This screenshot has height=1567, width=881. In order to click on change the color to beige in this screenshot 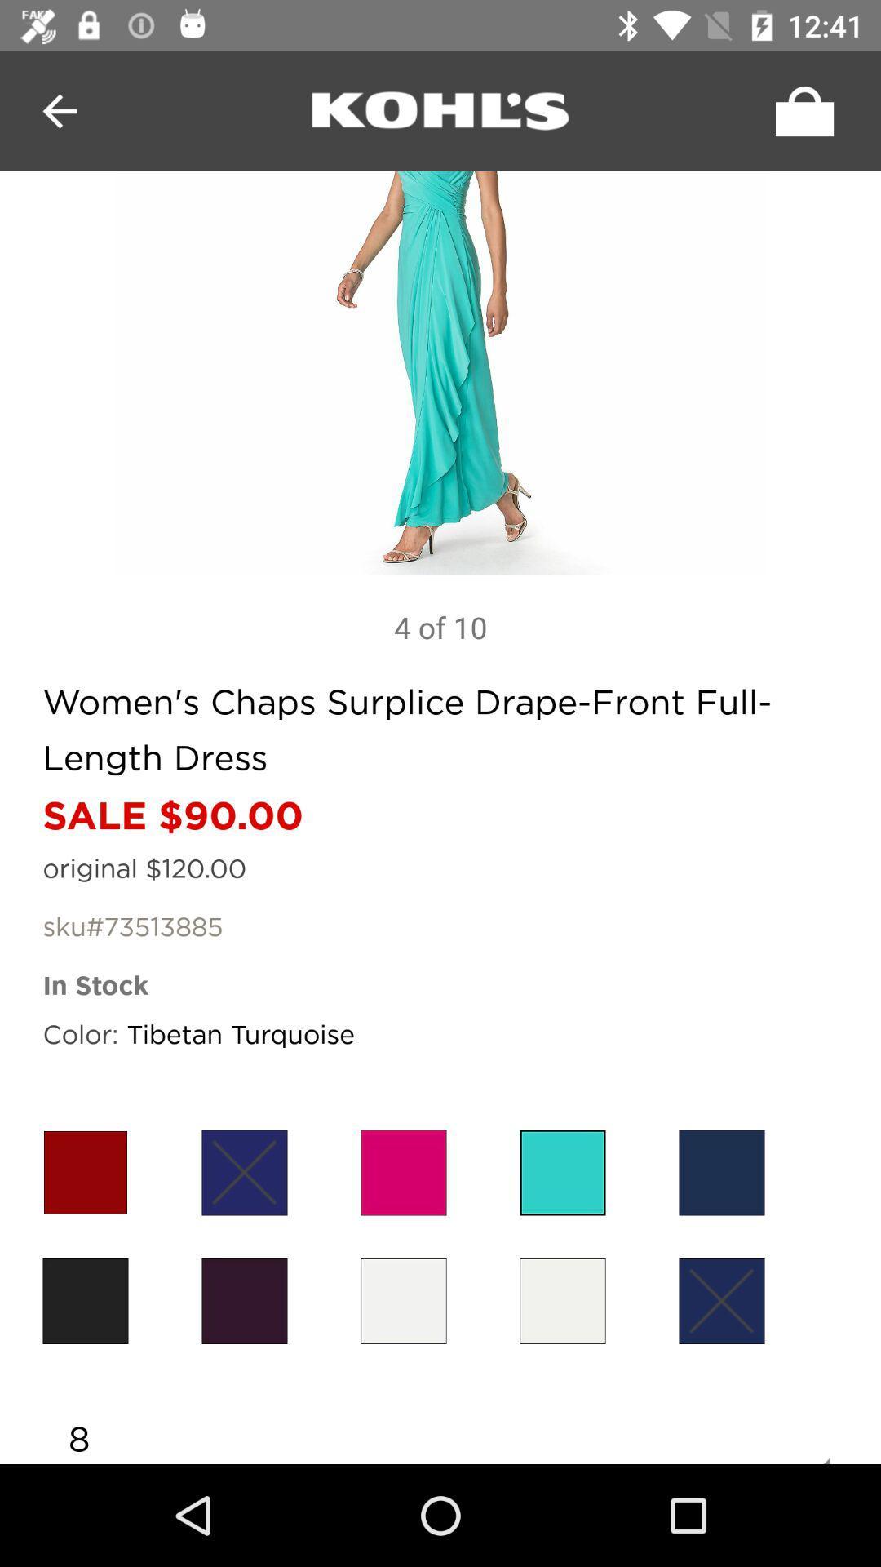, I will do `click(562, 1300)`.